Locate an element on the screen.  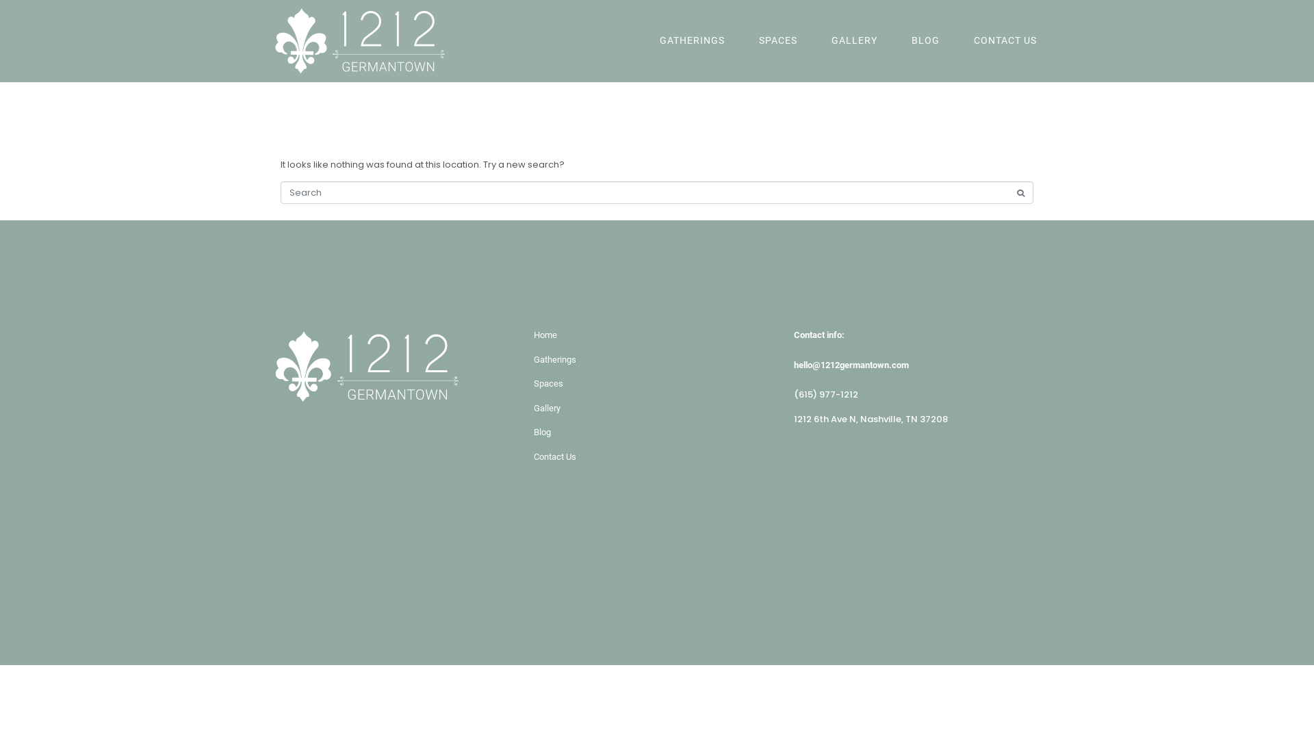
'GALLERY' is located at coordinates (853, 40).